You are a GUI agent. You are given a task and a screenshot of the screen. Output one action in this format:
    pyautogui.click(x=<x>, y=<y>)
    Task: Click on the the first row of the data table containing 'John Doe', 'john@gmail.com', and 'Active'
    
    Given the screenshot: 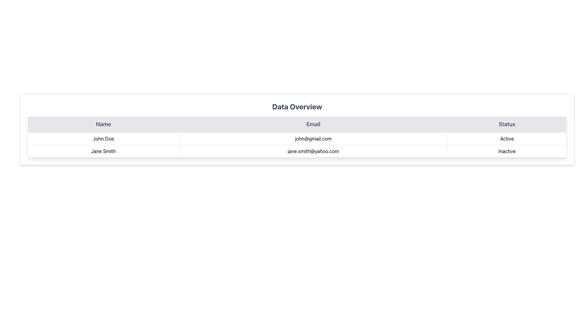 What is the action you would take?
    pyautogui.click(x=297, y=139)
    